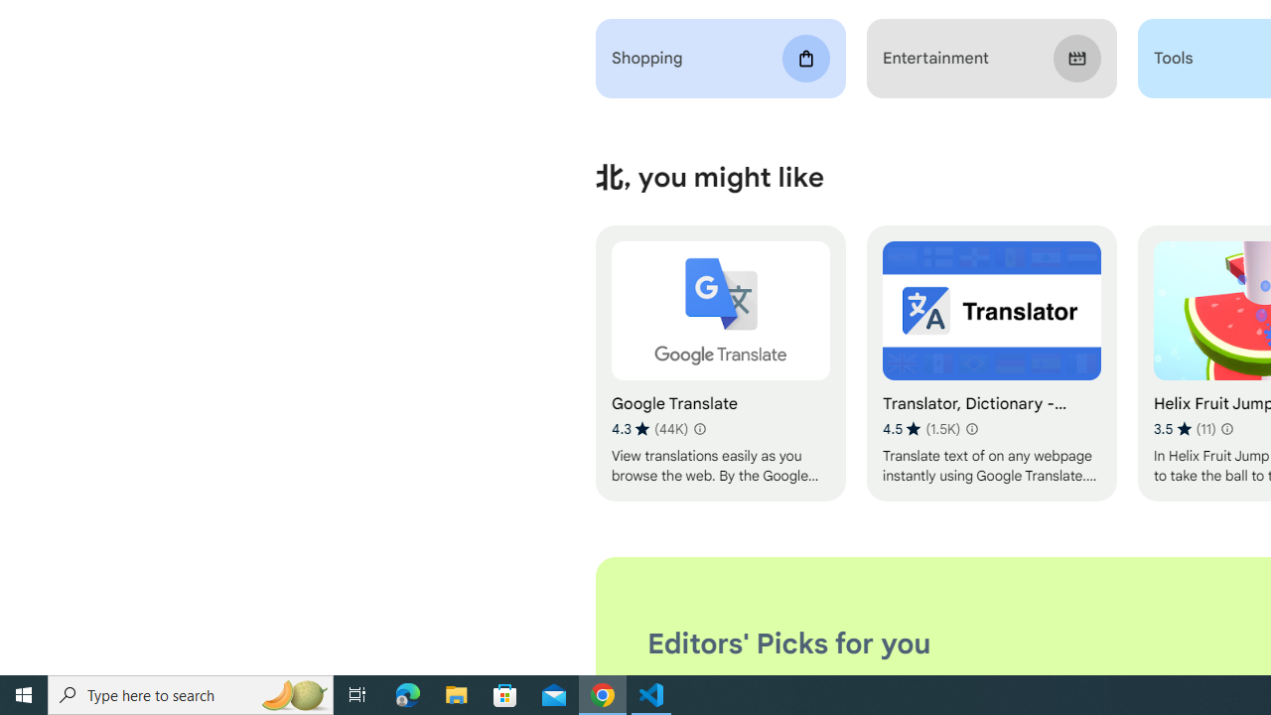  Describe the element at coordinates (991, 58) in the screenshot. I see `'Entertainment'` at that location.